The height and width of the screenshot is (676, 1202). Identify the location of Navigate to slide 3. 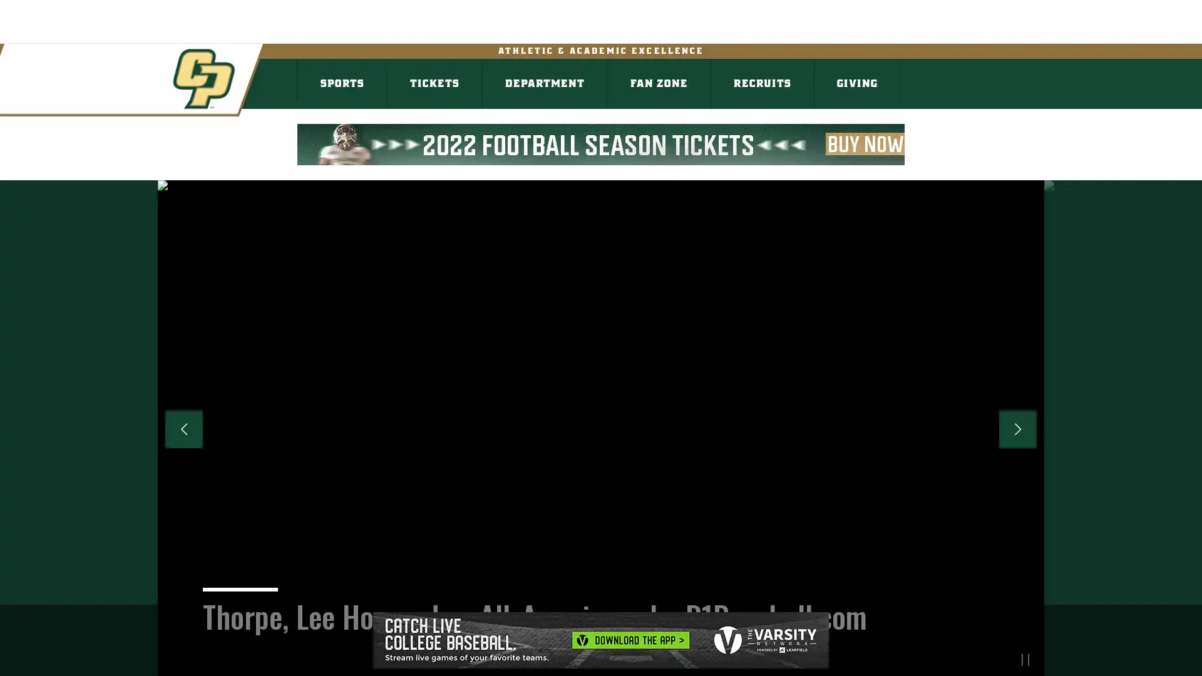
(588, 658).